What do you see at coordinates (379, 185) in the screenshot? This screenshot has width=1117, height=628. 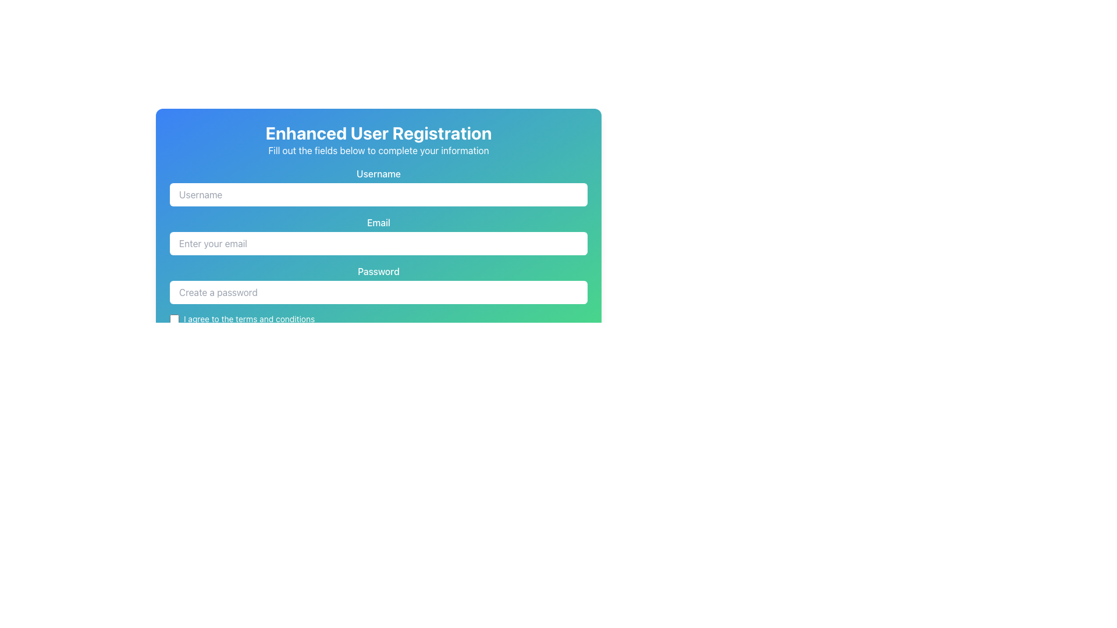 I see `on the 'Username' text input field, which is a white rectangular box with rounded edges, located directly below the header 'Enhanced User Registration'` at bounding box center [379, 185].